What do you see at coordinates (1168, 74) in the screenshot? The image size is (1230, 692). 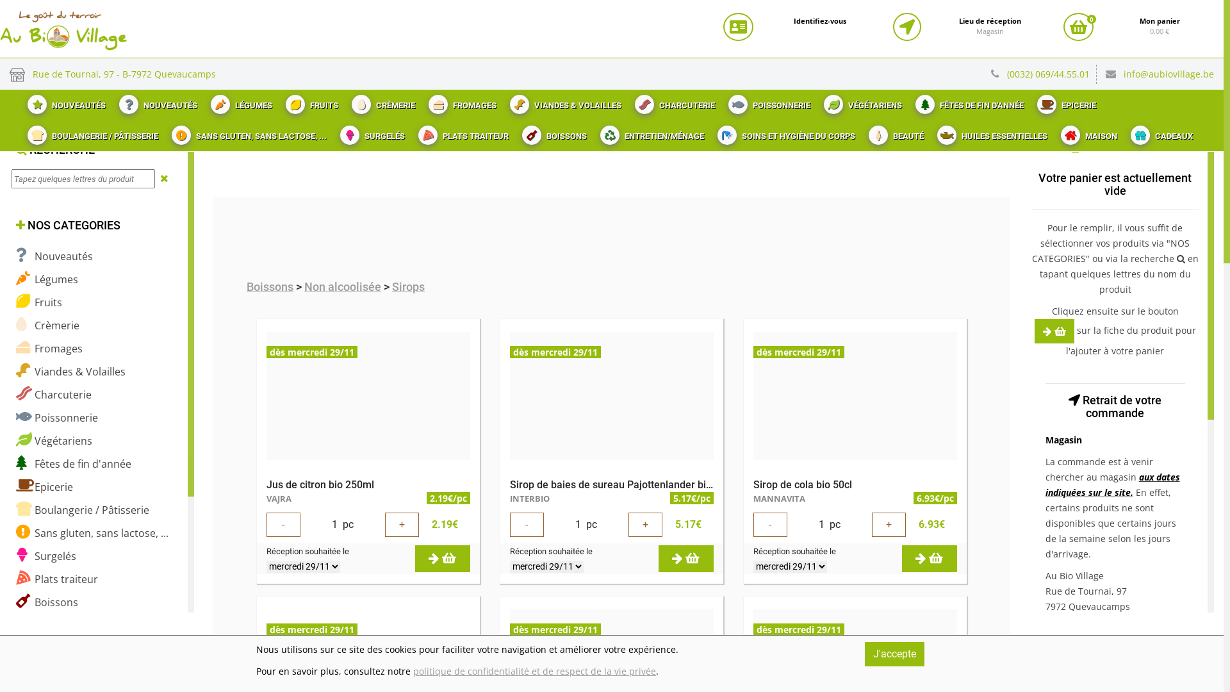 I see `'info@aubiovillage.be'` at bounding box center [1168, 74].